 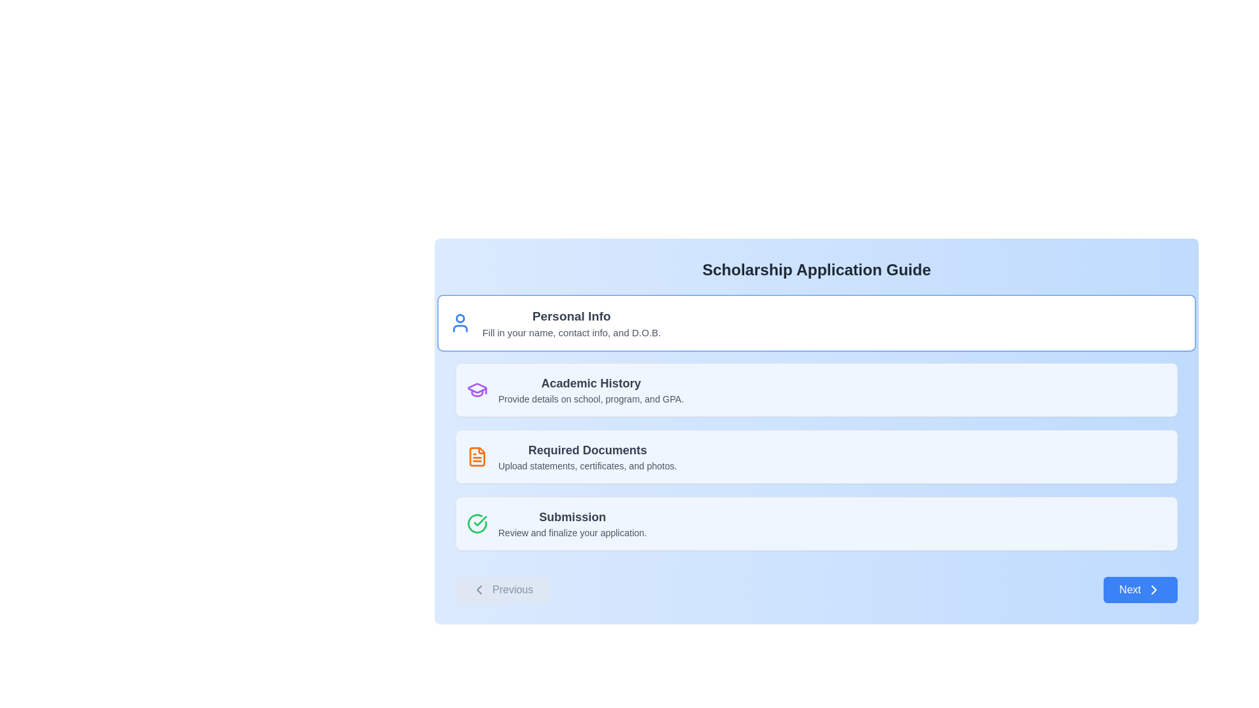 I want to click on text content element that displays 'Submission' and 'Review and finalize your application.' located in the fourth card of the application steps list, so click(x=572, y=522).